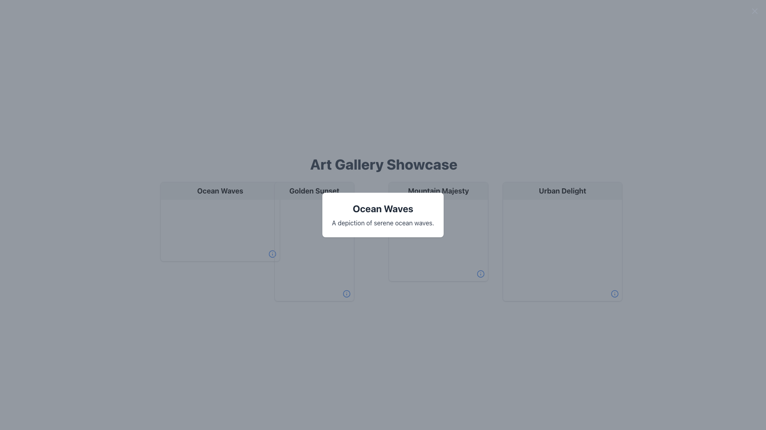 This screenshot has height=430, width=766. Describe the element at coordinates (272, 254) in the screenshot. I see `the circular blue 'info' icon button located at the bottom-right corner of the 'Ocean Waves' card` at that location.